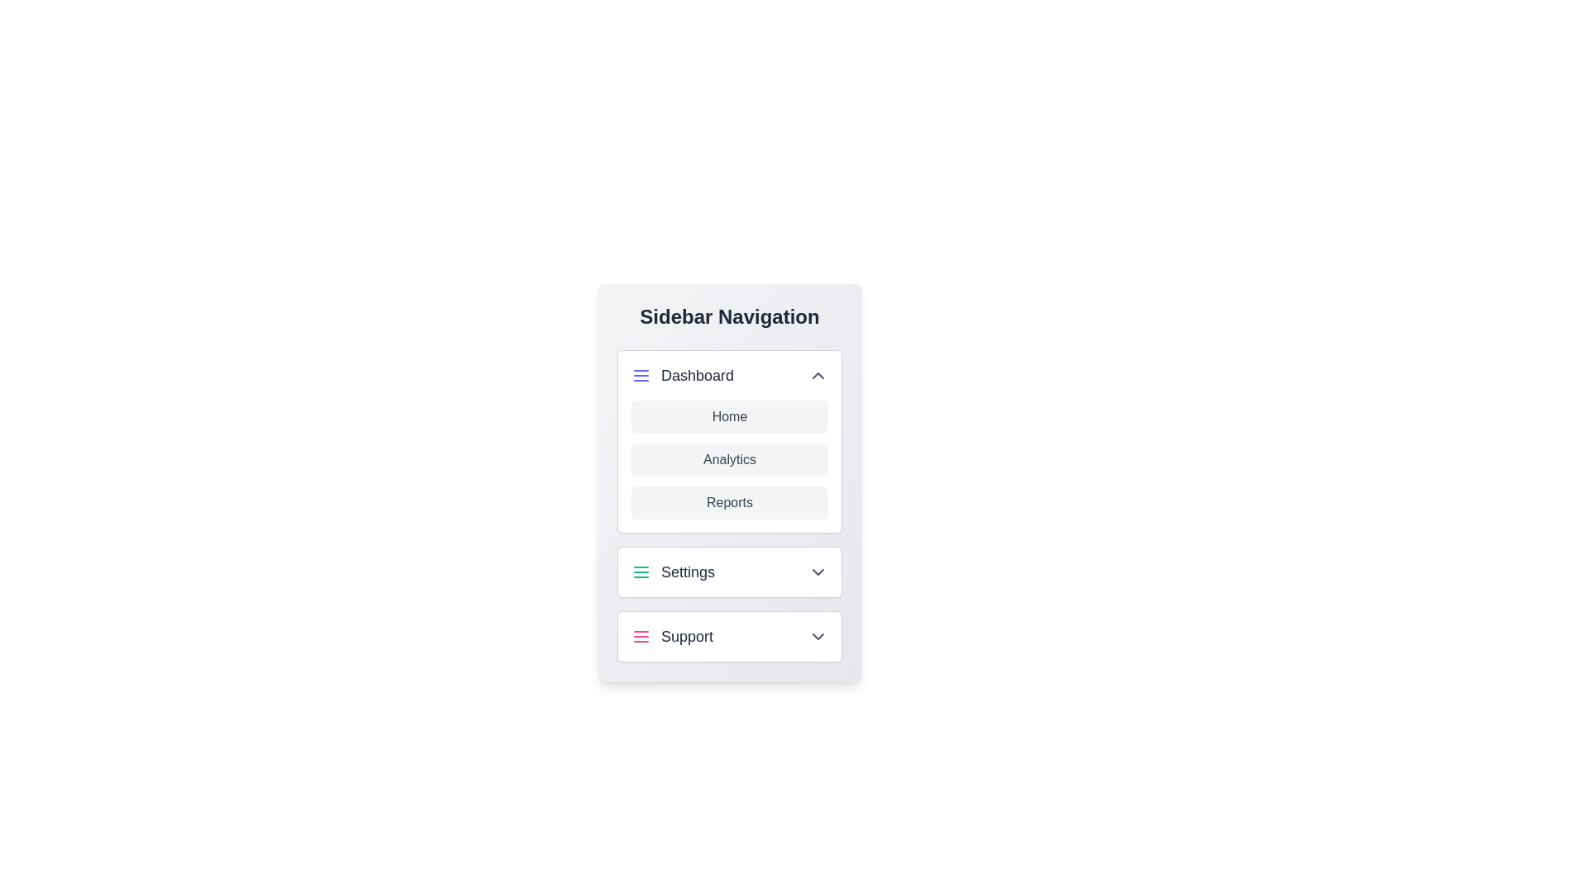  What do you see at coordinates (688, 572) in the screenshot?
I see `the 'Settings' text label located in the sidebar menu` at bounding box center [688, 572].